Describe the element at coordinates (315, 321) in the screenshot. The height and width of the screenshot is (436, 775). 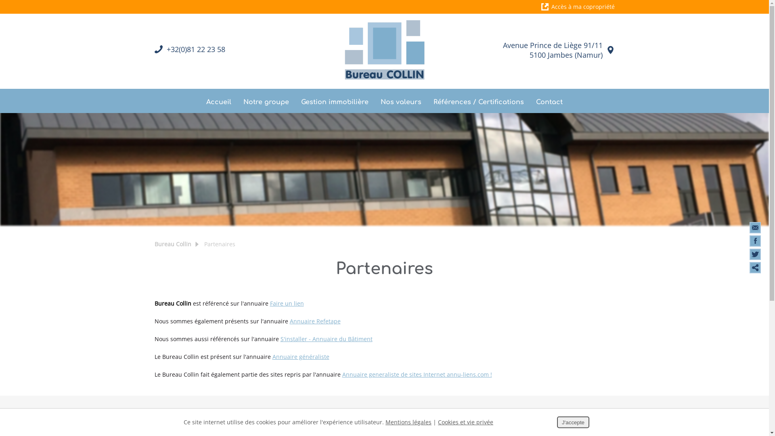
I see `'Annuaire Refetape'` at that location.